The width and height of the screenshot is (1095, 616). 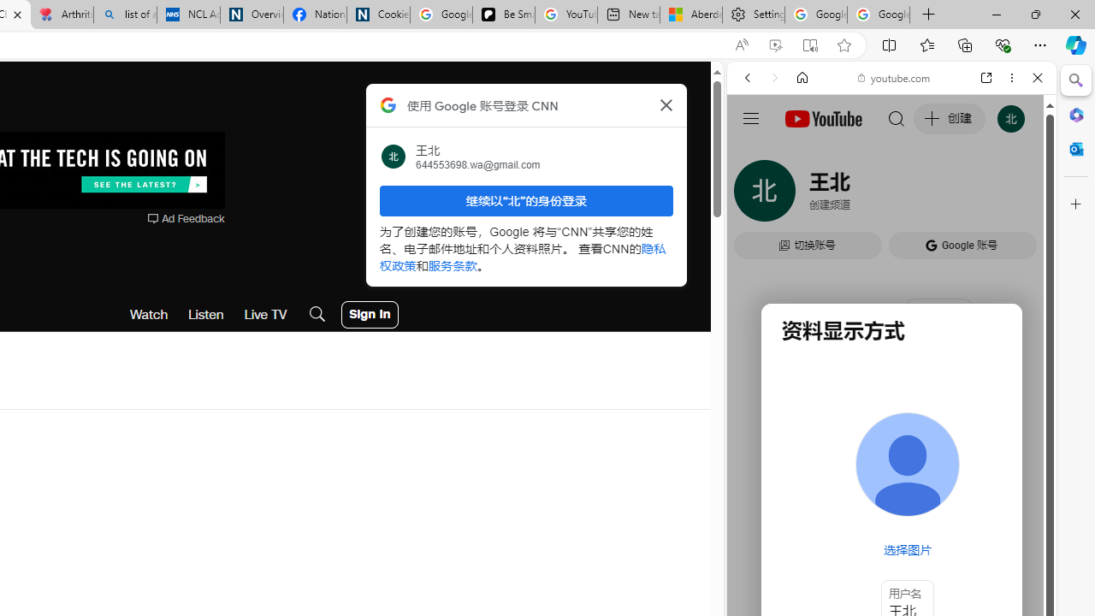 I want to click on 'Search Filter, IMAGES', so click(x=803, y=194).